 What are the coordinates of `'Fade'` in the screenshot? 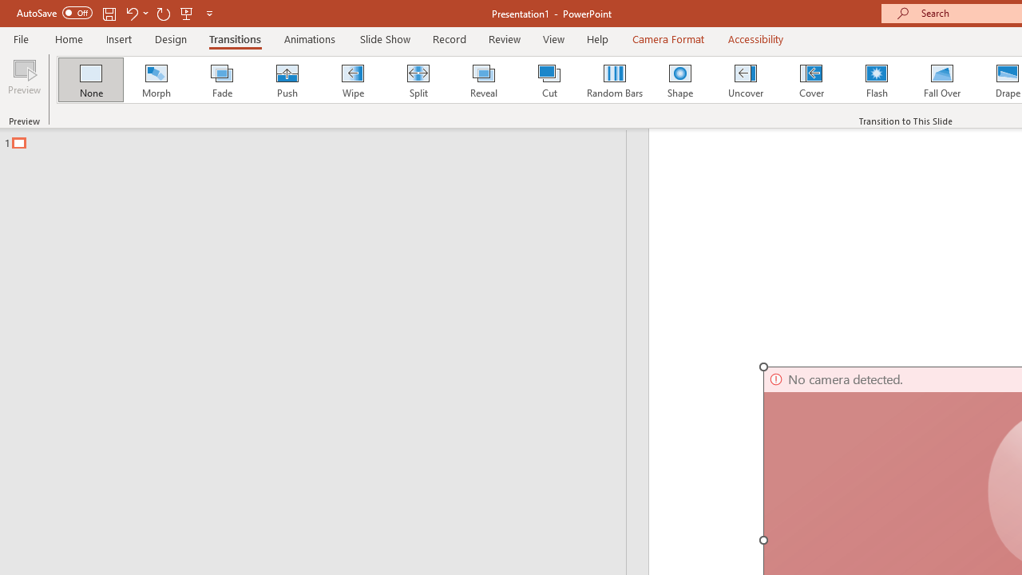 It's located at (220, 80).